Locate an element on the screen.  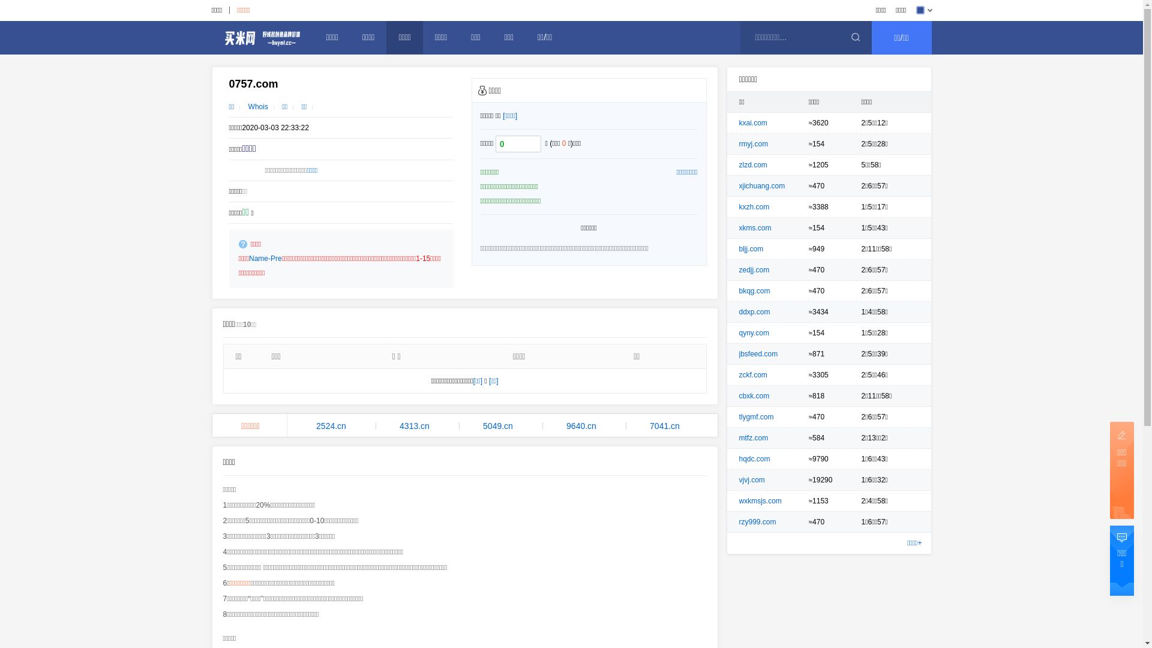
'rzy999.com' is located at coordinates (757, 521).